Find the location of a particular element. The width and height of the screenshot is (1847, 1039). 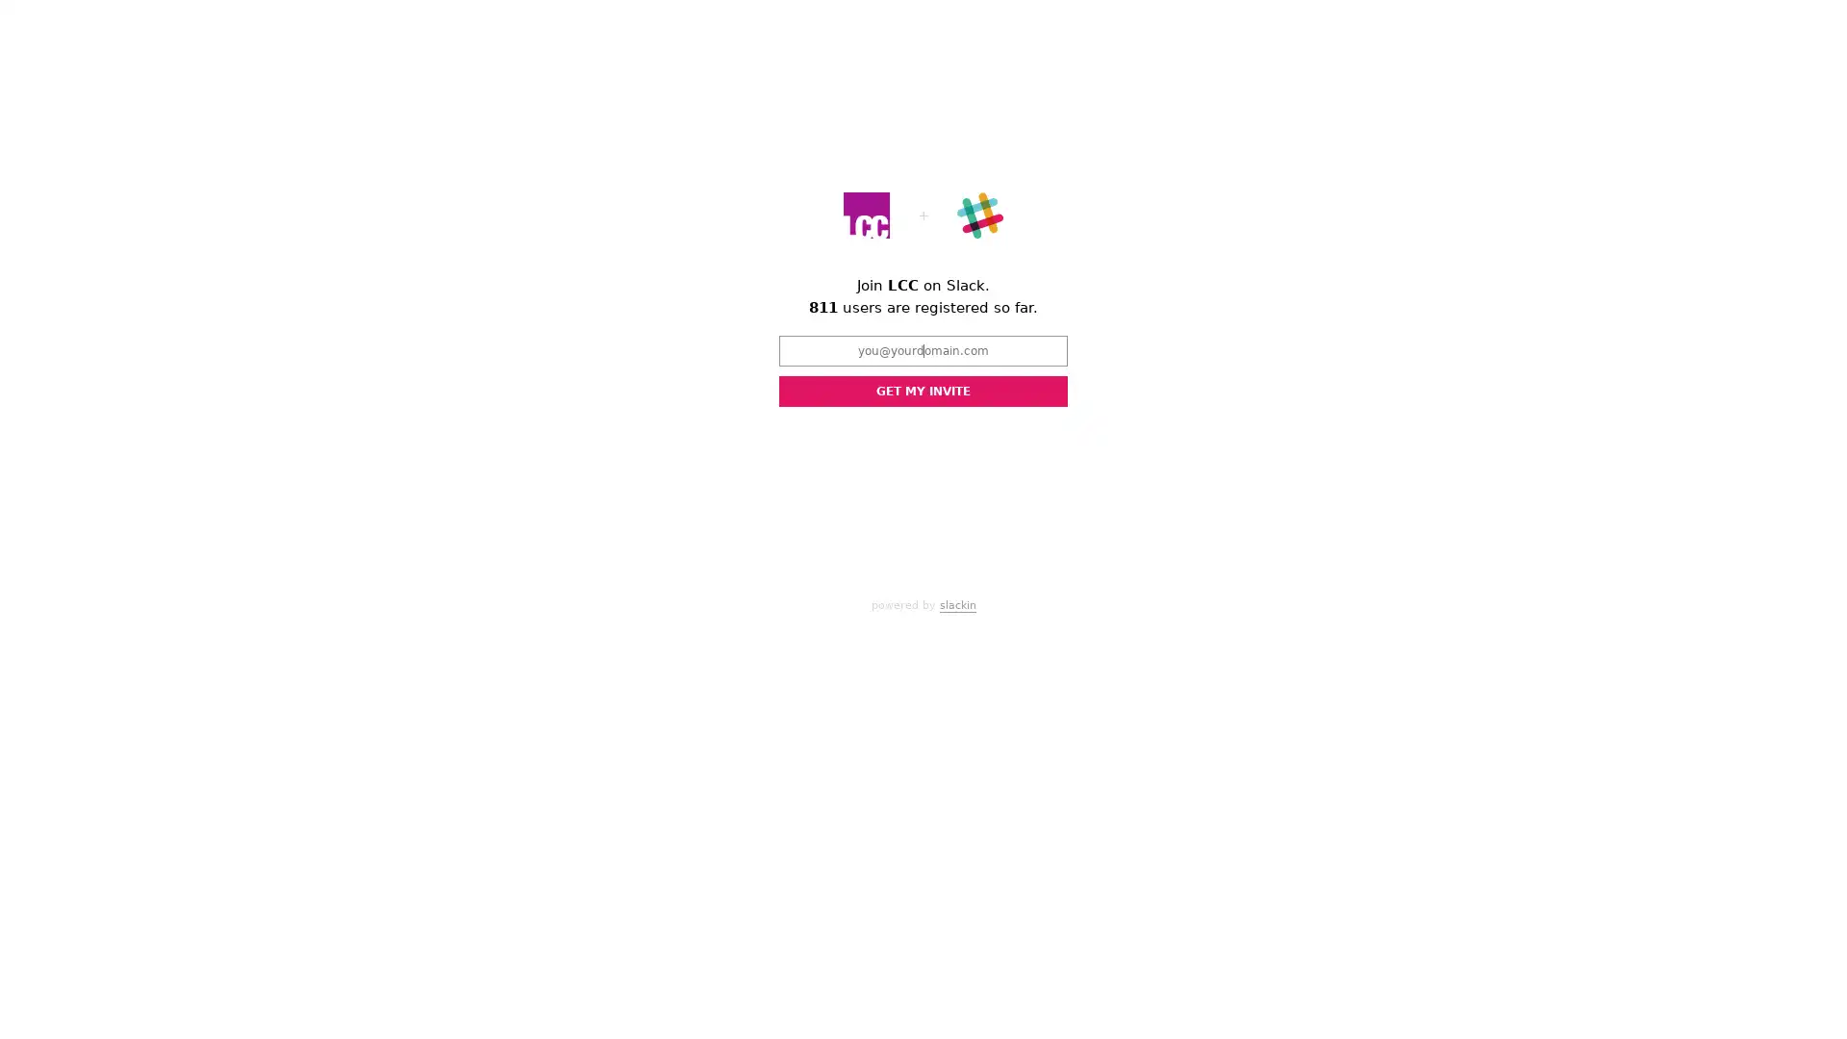

GET MY INVITE is located at coordinates (923, 391).